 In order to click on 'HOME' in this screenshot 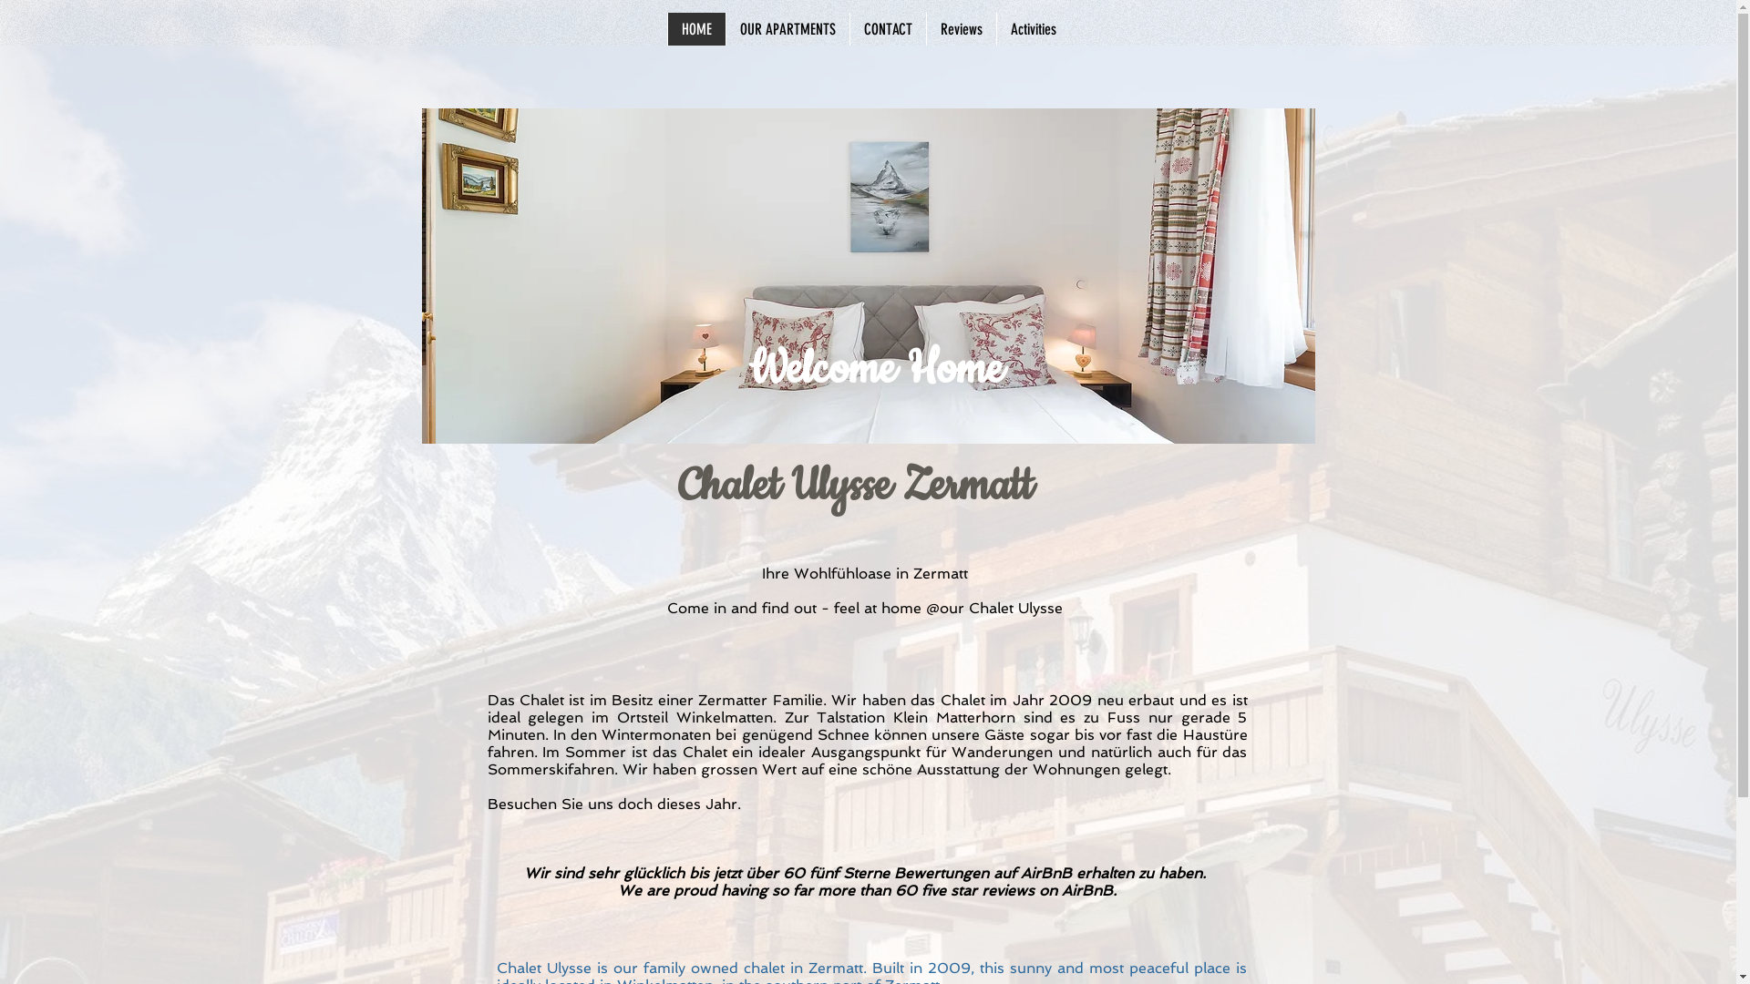, I will do `click(695, 28)`.